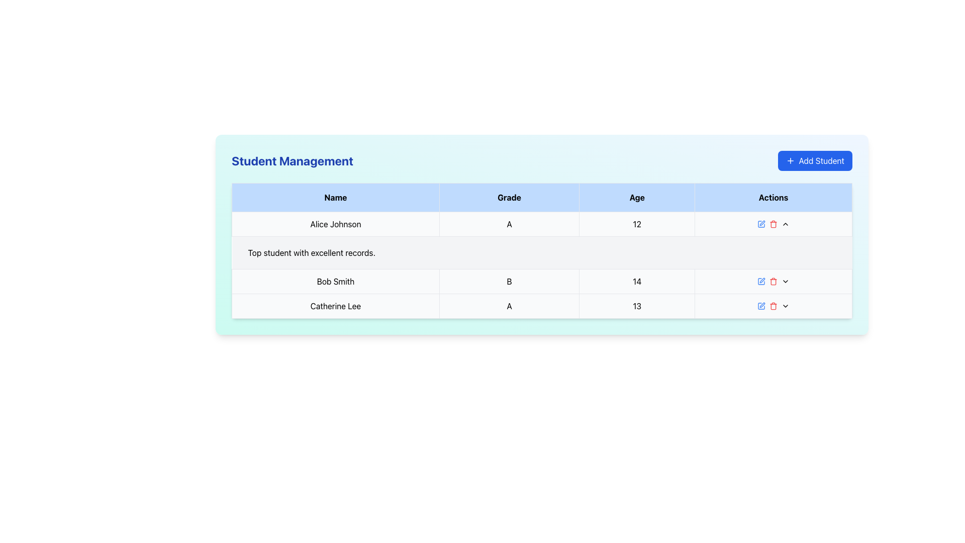 The height and width of the screenshot is (543, 965). I want to click on the pen icon representing editing options, so click(762, 281).